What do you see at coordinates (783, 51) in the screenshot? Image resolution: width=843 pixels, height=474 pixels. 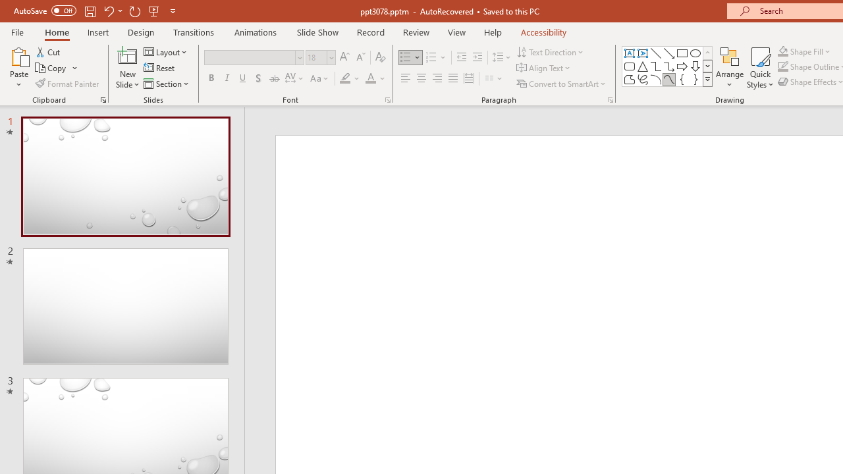 I see `'Shape Fill Dark Green, Accent 2'` at bounding box center [783, 51].